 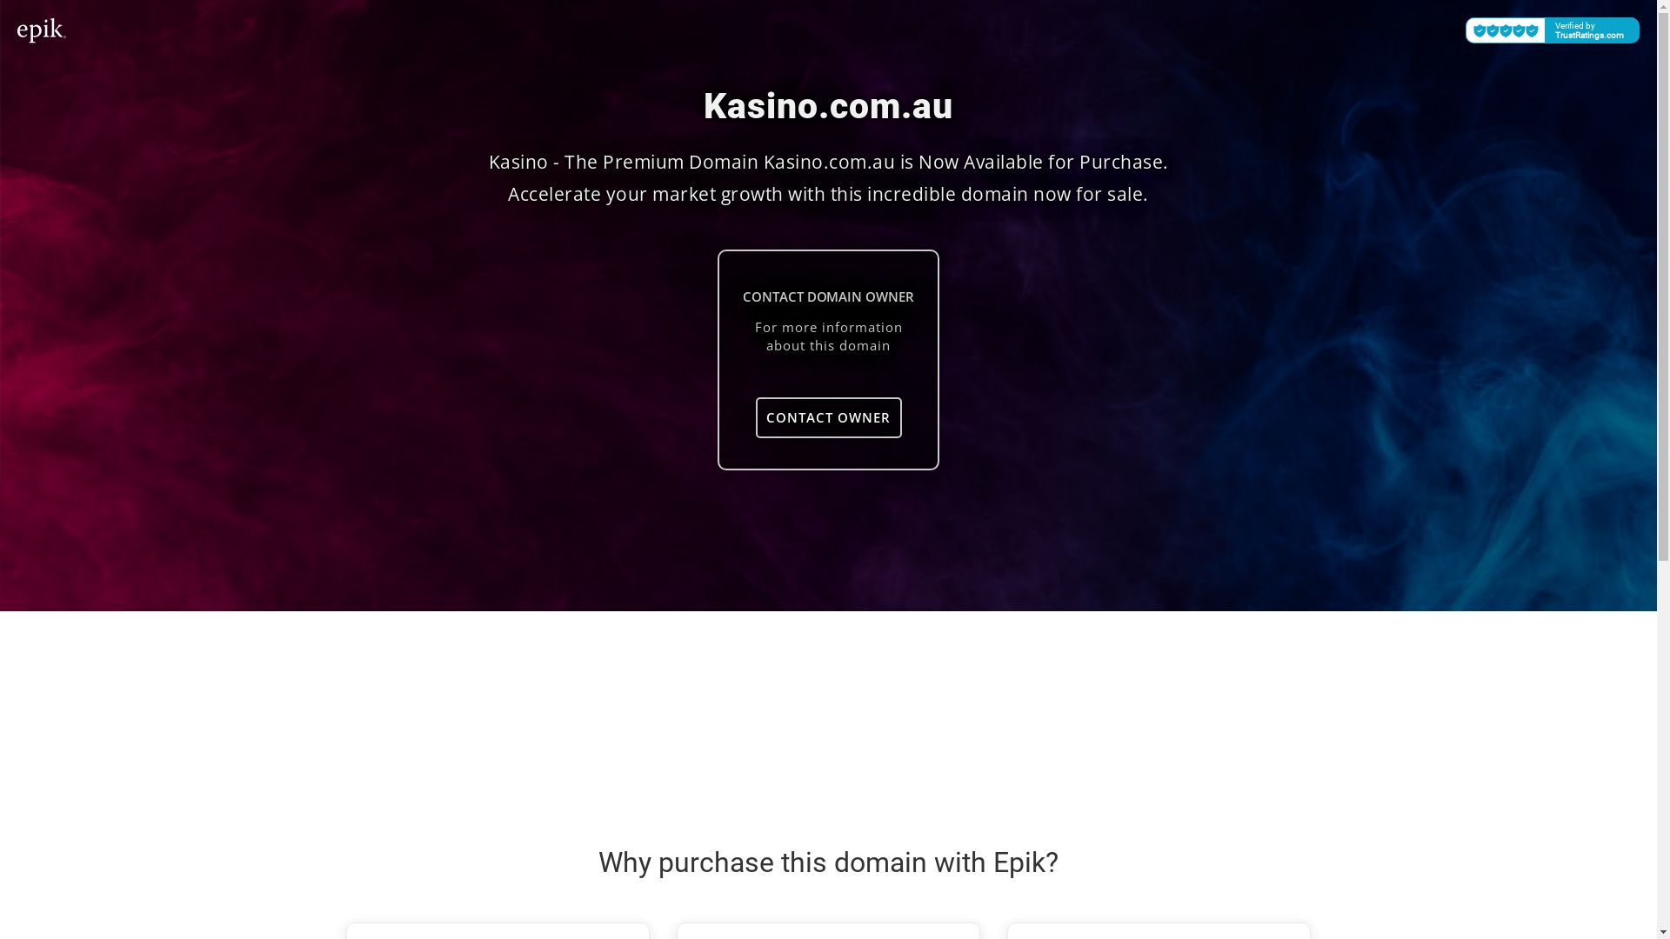 I want to click on 'Verified by TrustRatings.com', so click(x=1553, y=30).